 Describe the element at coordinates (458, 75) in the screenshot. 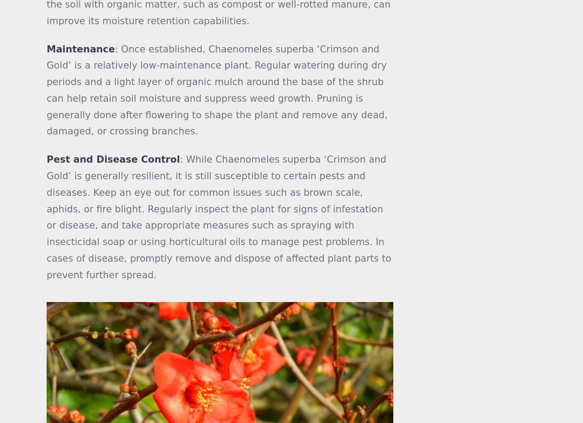

I see `'Well-Drained Soil'` at that location.